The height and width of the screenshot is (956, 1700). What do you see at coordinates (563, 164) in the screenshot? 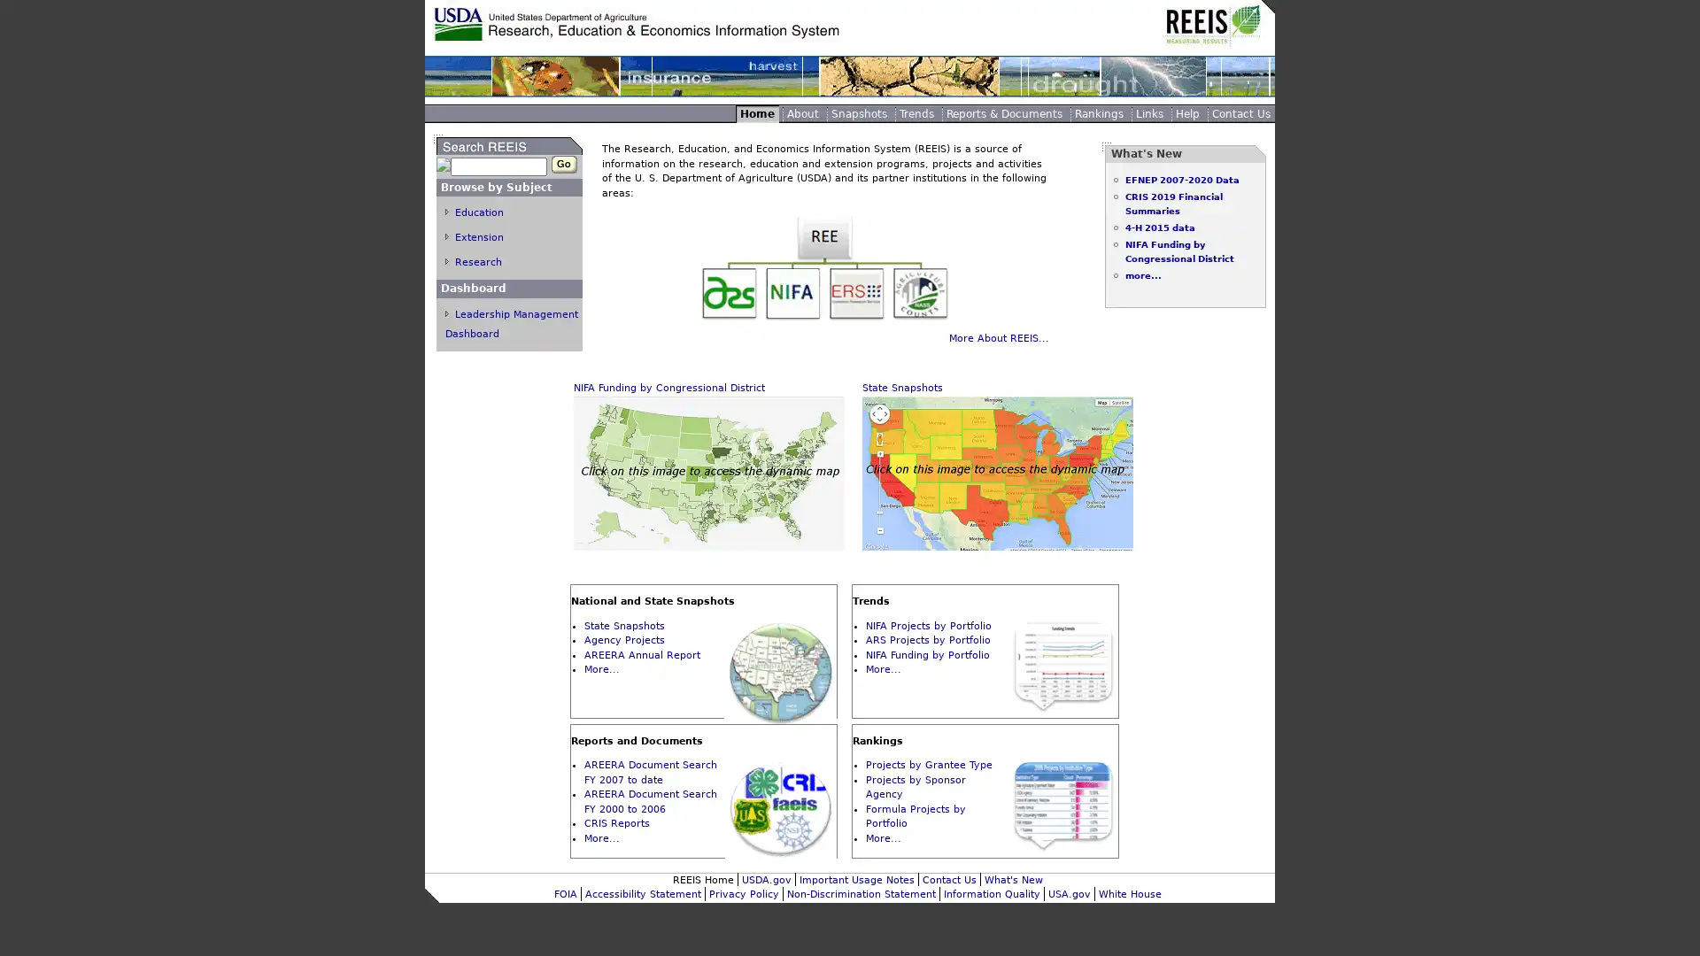
I see `Go Button` at bounding box center [563, 164].